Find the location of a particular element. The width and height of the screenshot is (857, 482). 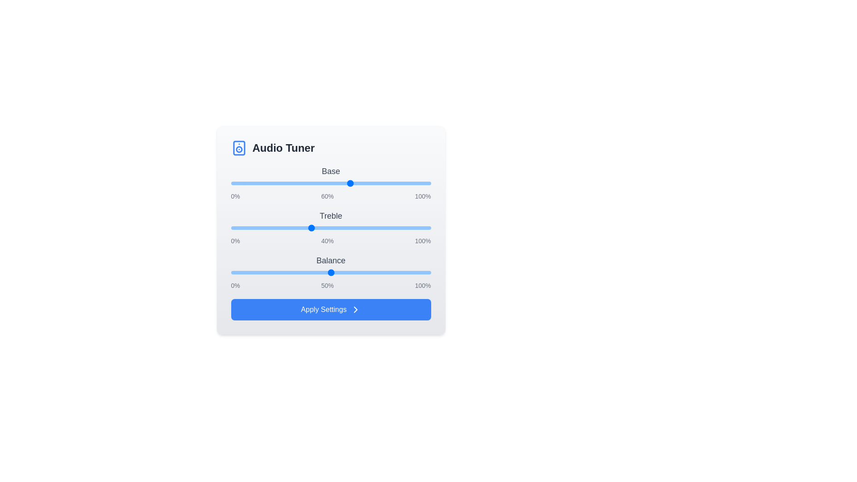

the 1 slider to 49% is located at coordinates (329, 227).